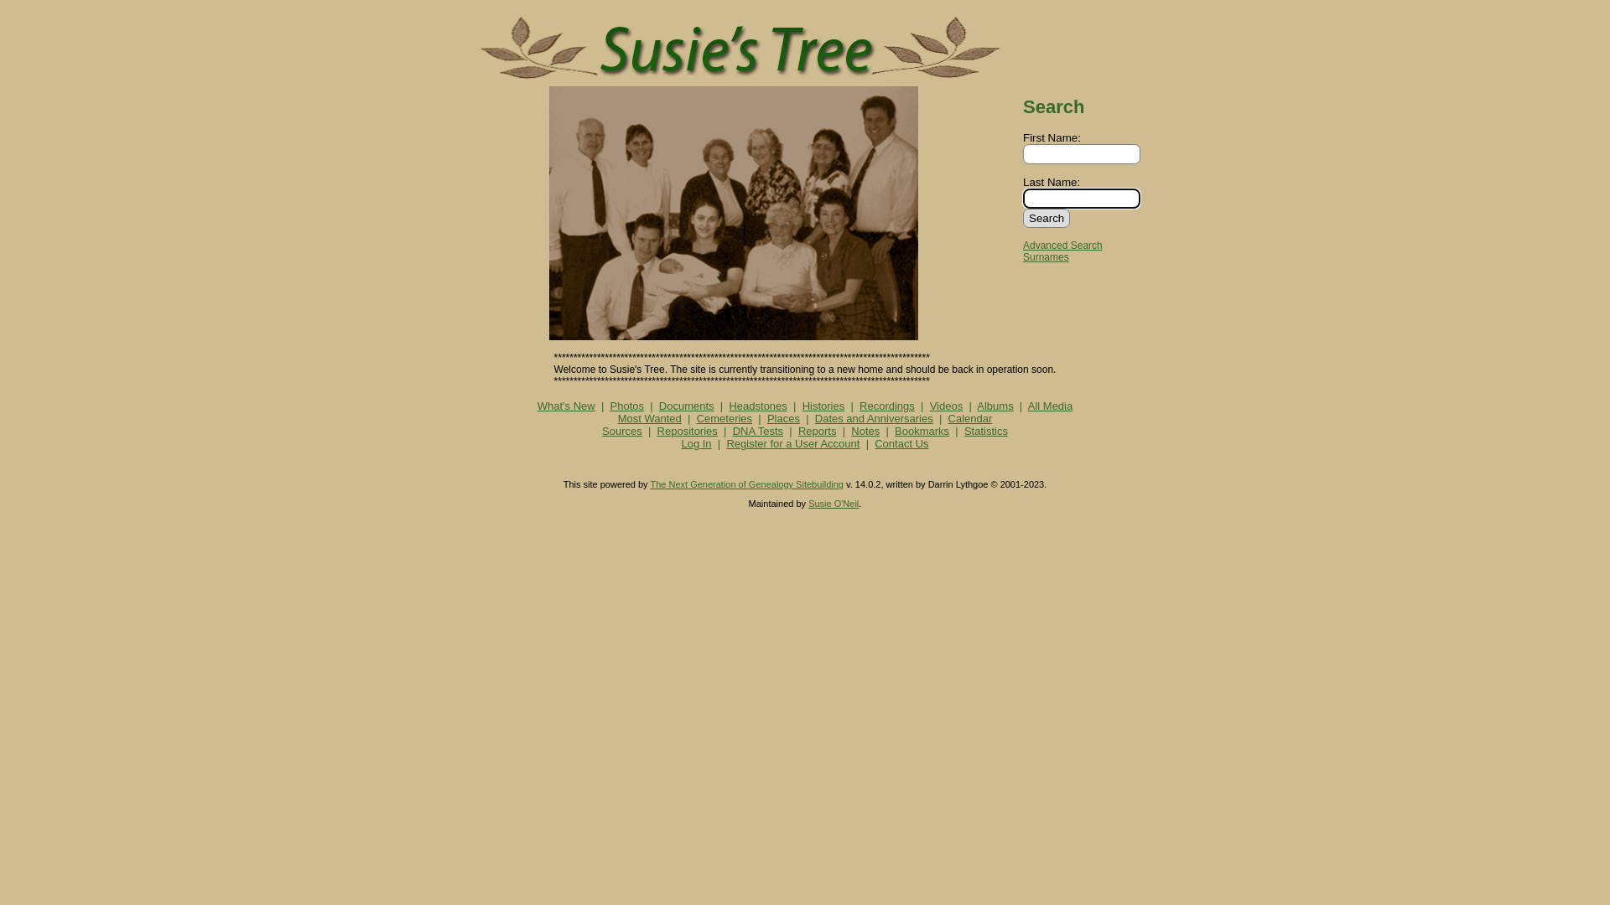  I want to click on 'Most Wanted', so click(648, 417).